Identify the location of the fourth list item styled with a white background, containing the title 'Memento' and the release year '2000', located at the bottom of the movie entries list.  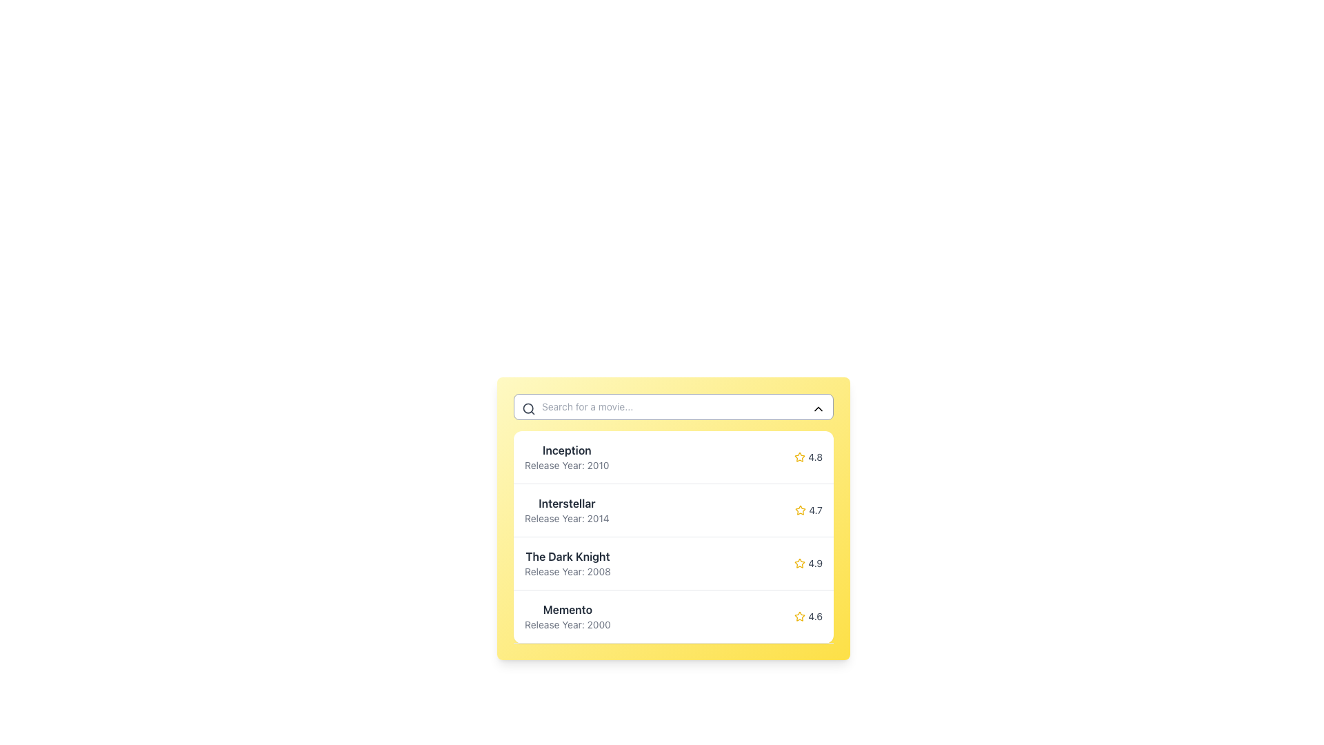
(674, 616).